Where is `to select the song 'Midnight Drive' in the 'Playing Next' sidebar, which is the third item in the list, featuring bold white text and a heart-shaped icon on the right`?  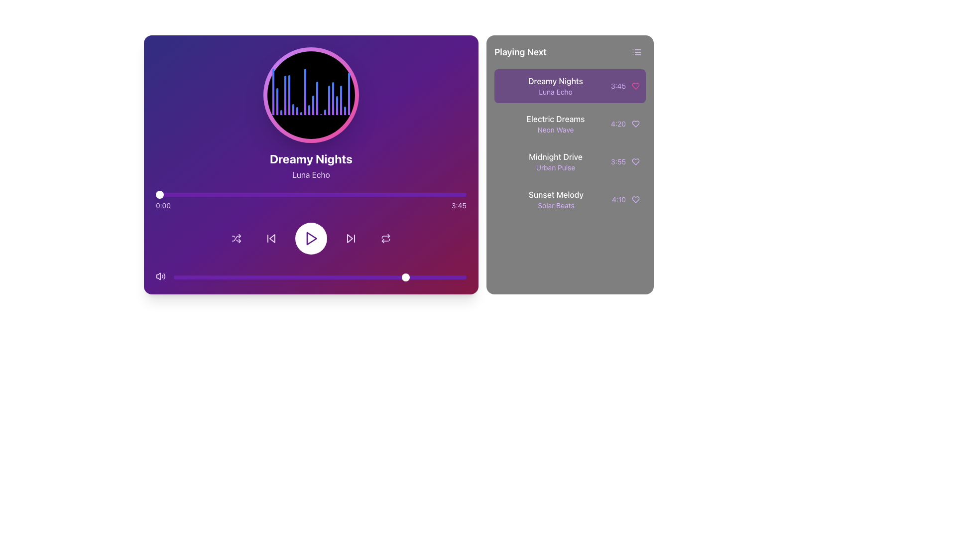
to select the song 'Midnight Drive' in the 'Playing Next' sidebar, which is the third item in the list, featuring bold white text and a heart-shaped icon on the right is located at coordinates (570, 161).